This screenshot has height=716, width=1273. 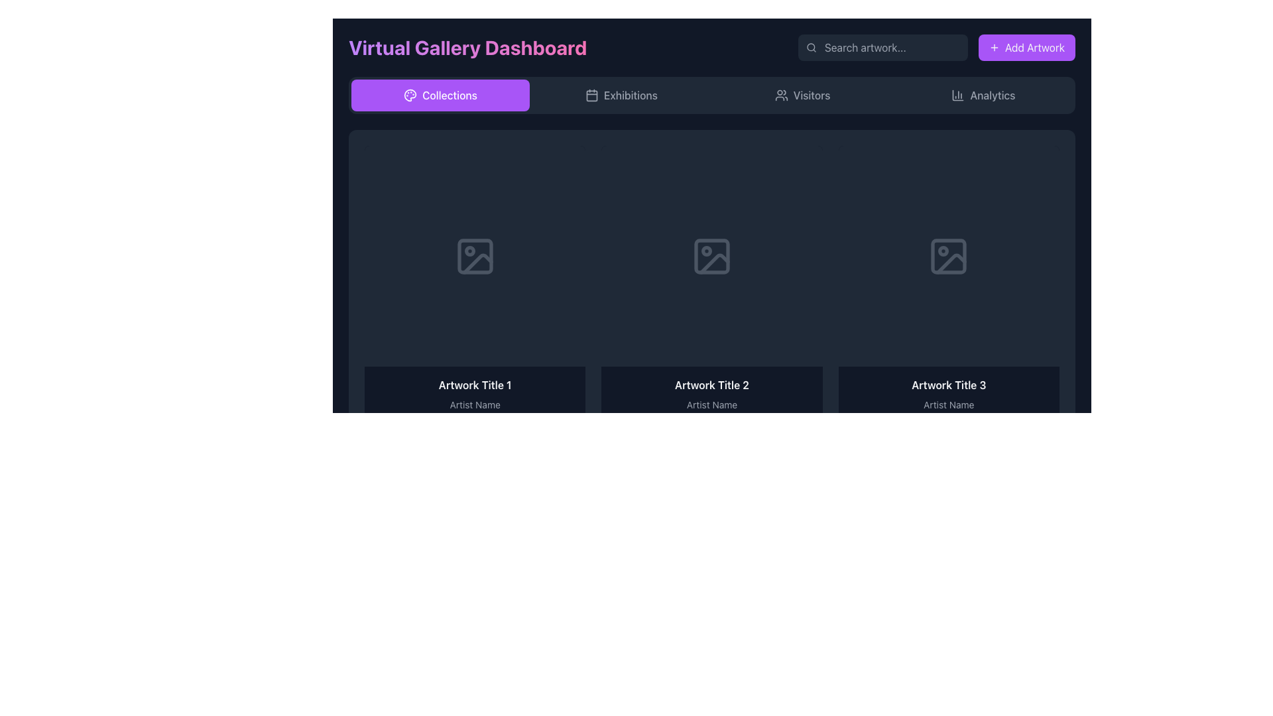 What do you see at coordinates (711, 404) in the screenshot?
I see `the static text label identifying the artist associated with 'Artwork Title 2', which is positioned in the second artwork card panel below the title and above numerical labels` at bounding box center [711, 404].